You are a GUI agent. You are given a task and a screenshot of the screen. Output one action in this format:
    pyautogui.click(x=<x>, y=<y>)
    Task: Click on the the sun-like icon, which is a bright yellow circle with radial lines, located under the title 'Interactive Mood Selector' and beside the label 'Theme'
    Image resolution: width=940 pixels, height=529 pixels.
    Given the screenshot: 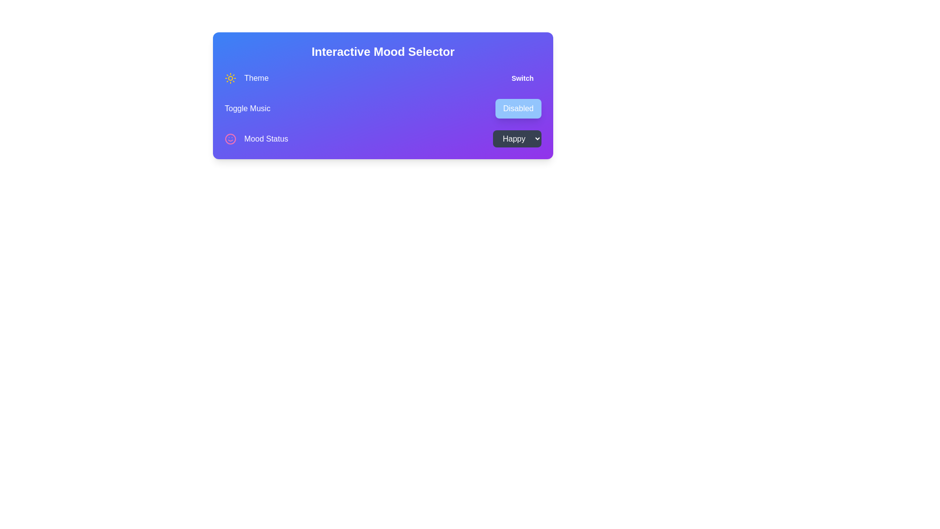 What is the action you would take?
    pyautogui.click(x=230, y=77)
    